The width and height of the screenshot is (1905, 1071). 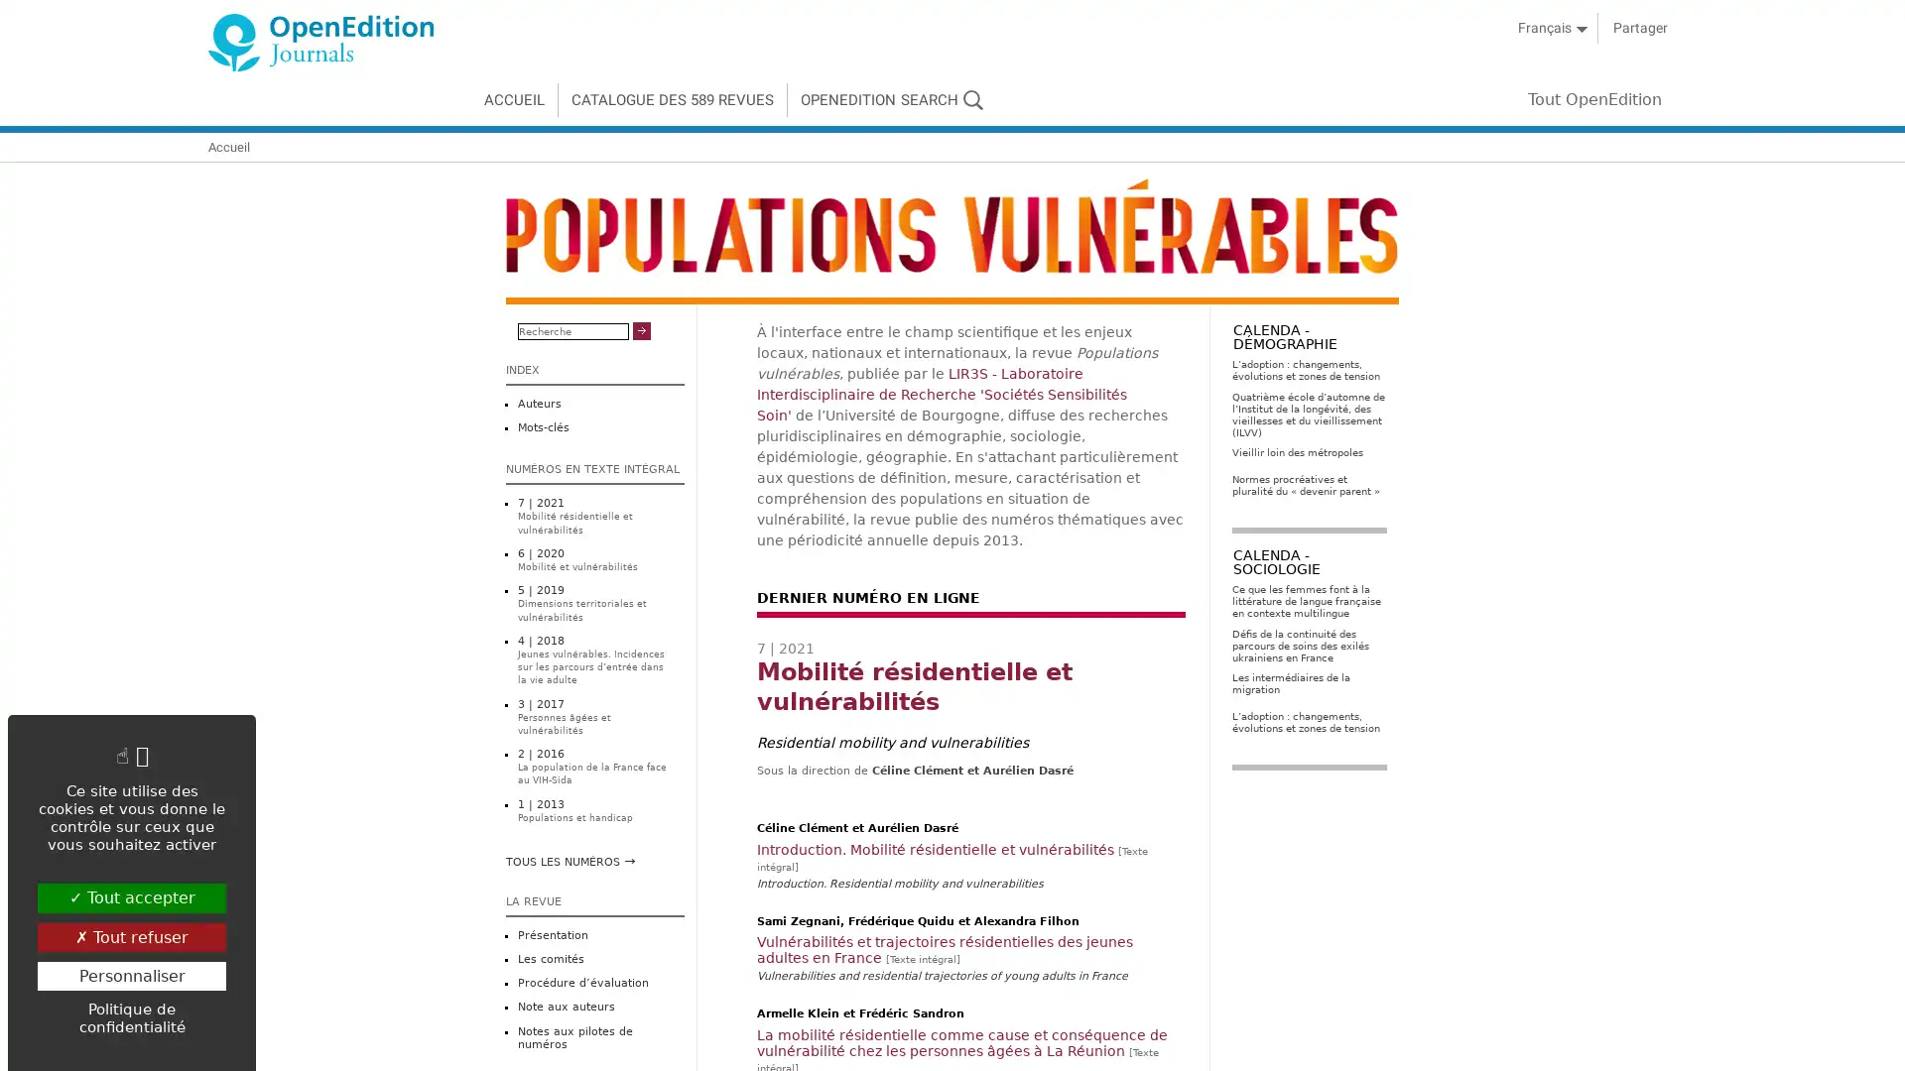 What do you see at coordinates (641, 330) in the screenshot?
I see `Chercher` at bounding box center [641, 330].